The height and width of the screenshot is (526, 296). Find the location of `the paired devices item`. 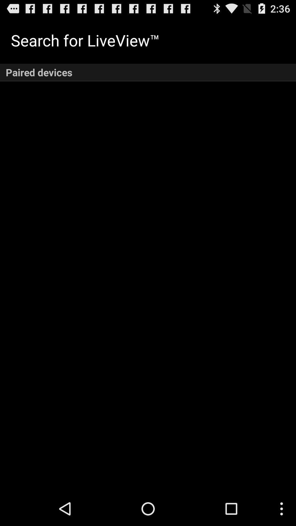

the paired devices item is located at coordinates (148, 72).